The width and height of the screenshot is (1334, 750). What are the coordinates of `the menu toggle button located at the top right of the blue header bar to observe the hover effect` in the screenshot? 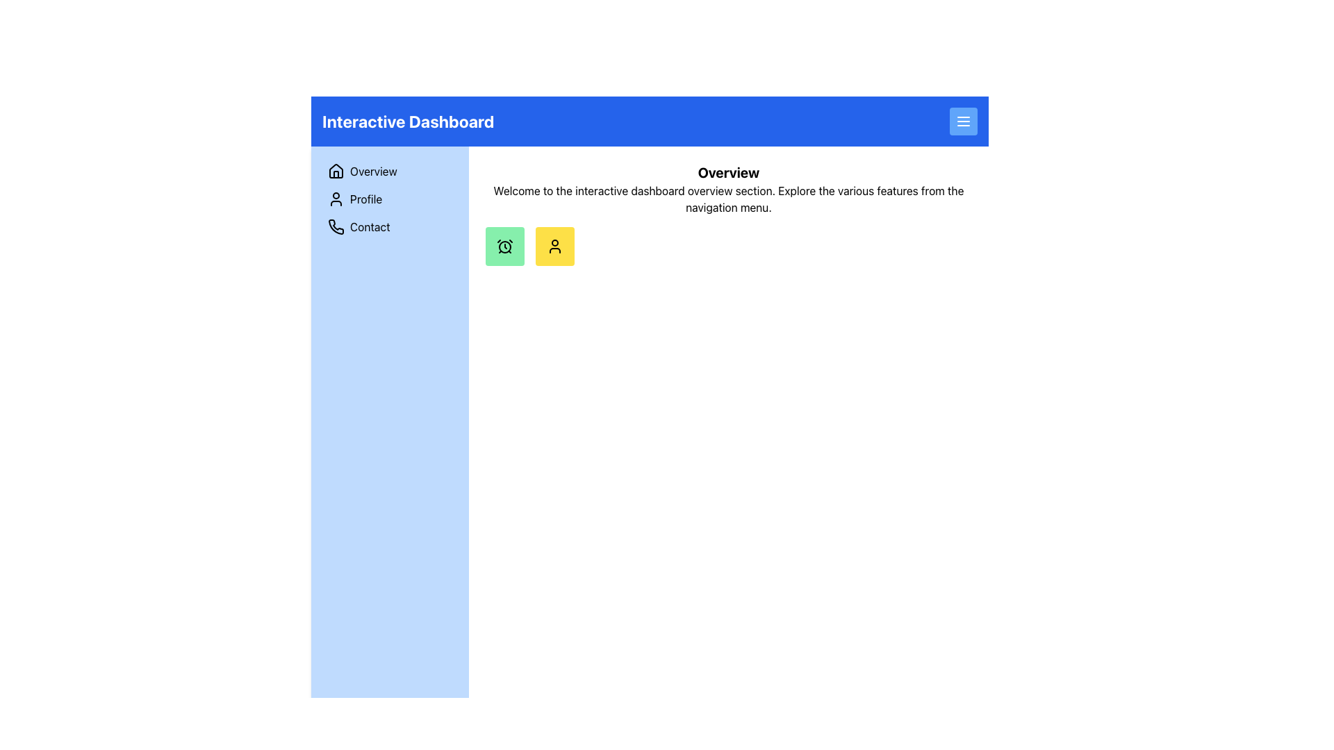 It's located at (963, 120).